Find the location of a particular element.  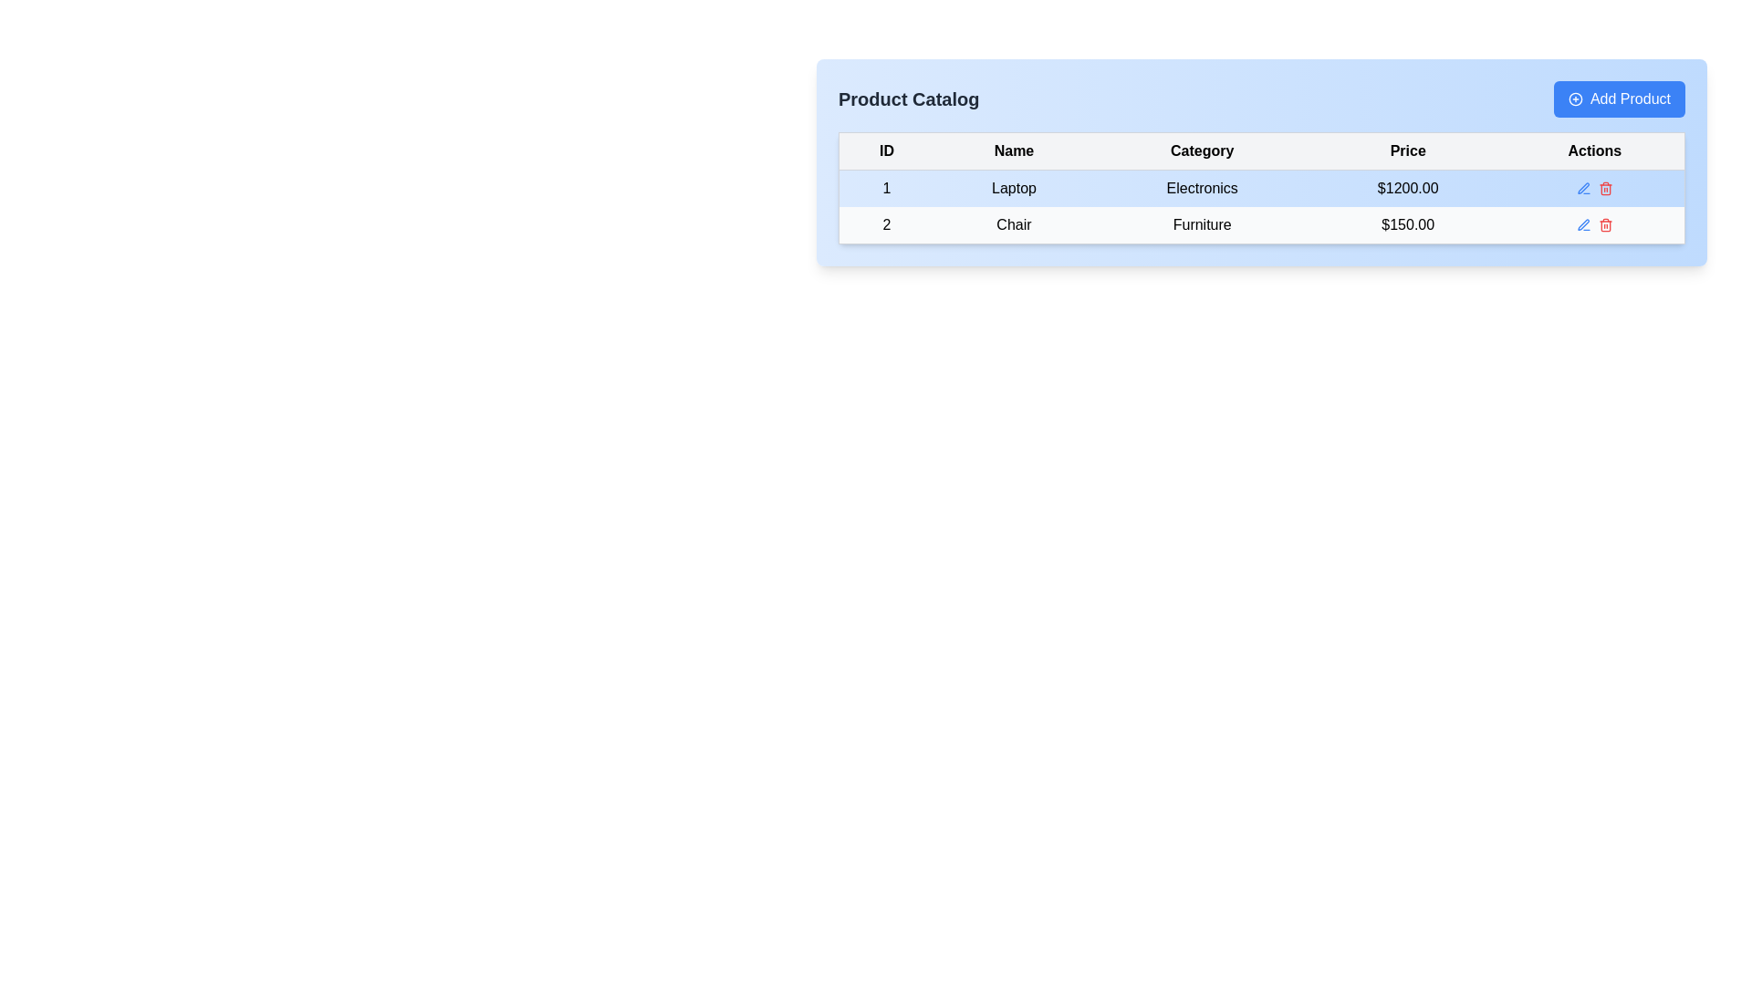

the static text label that identifies the row associated with the item ID, located under the column header 'ID' and in the same row as the text 'Laptop' is located at coordinates (886, 188).